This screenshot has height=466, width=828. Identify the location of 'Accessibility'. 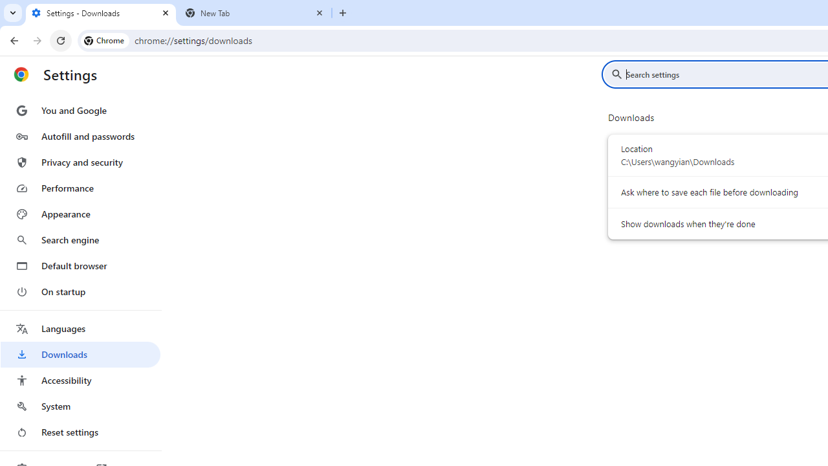
(80, 379).